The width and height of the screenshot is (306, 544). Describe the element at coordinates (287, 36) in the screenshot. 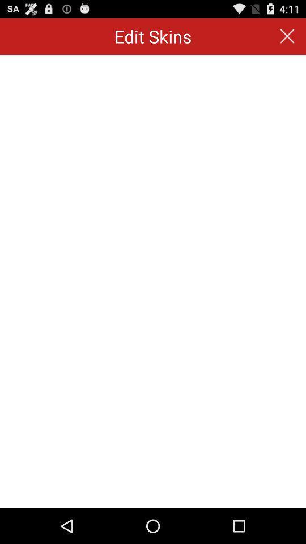

I see `close` at that location.